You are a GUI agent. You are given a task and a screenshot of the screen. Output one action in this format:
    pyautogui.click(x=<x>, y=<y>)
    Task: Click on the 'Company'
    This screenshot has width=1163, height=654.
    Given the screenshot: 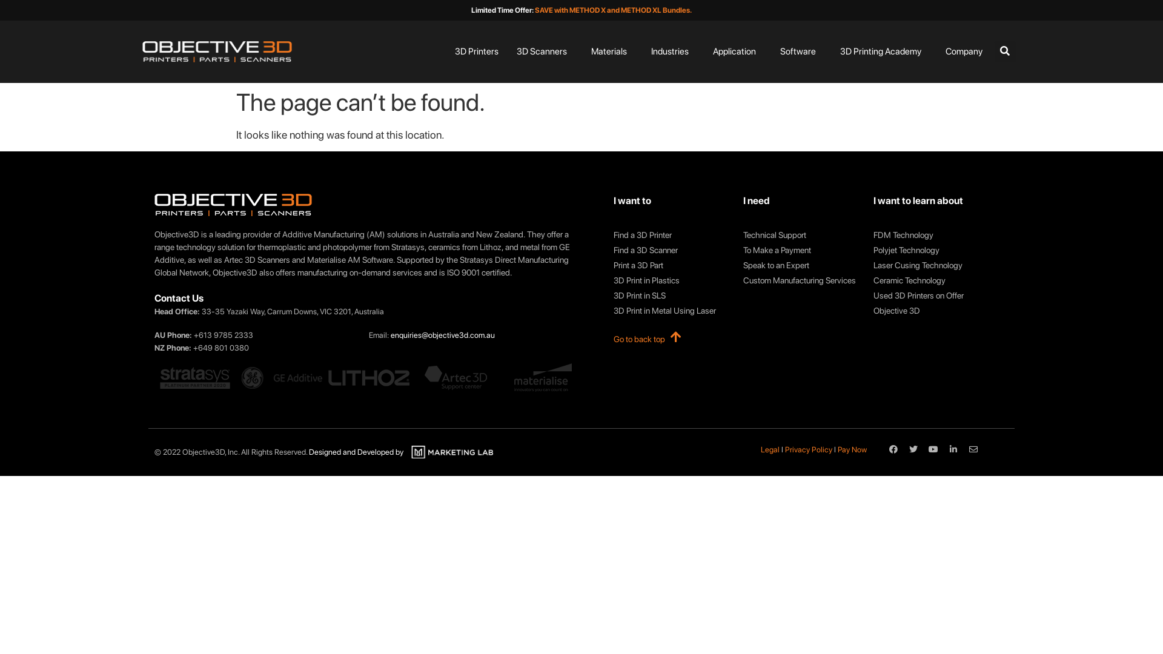 What is the action you would take?
    pyautogui.click(x=938, y=51)
    